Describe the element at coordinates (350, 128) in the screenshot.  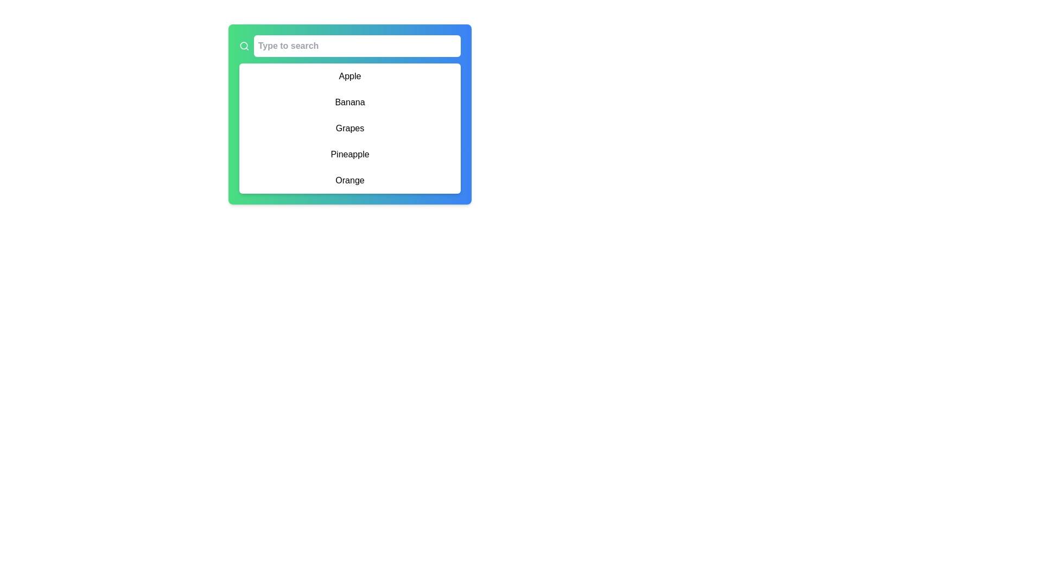
I see `the 'Grapes' text label within the selectable list for keyboard navigation` at that location.